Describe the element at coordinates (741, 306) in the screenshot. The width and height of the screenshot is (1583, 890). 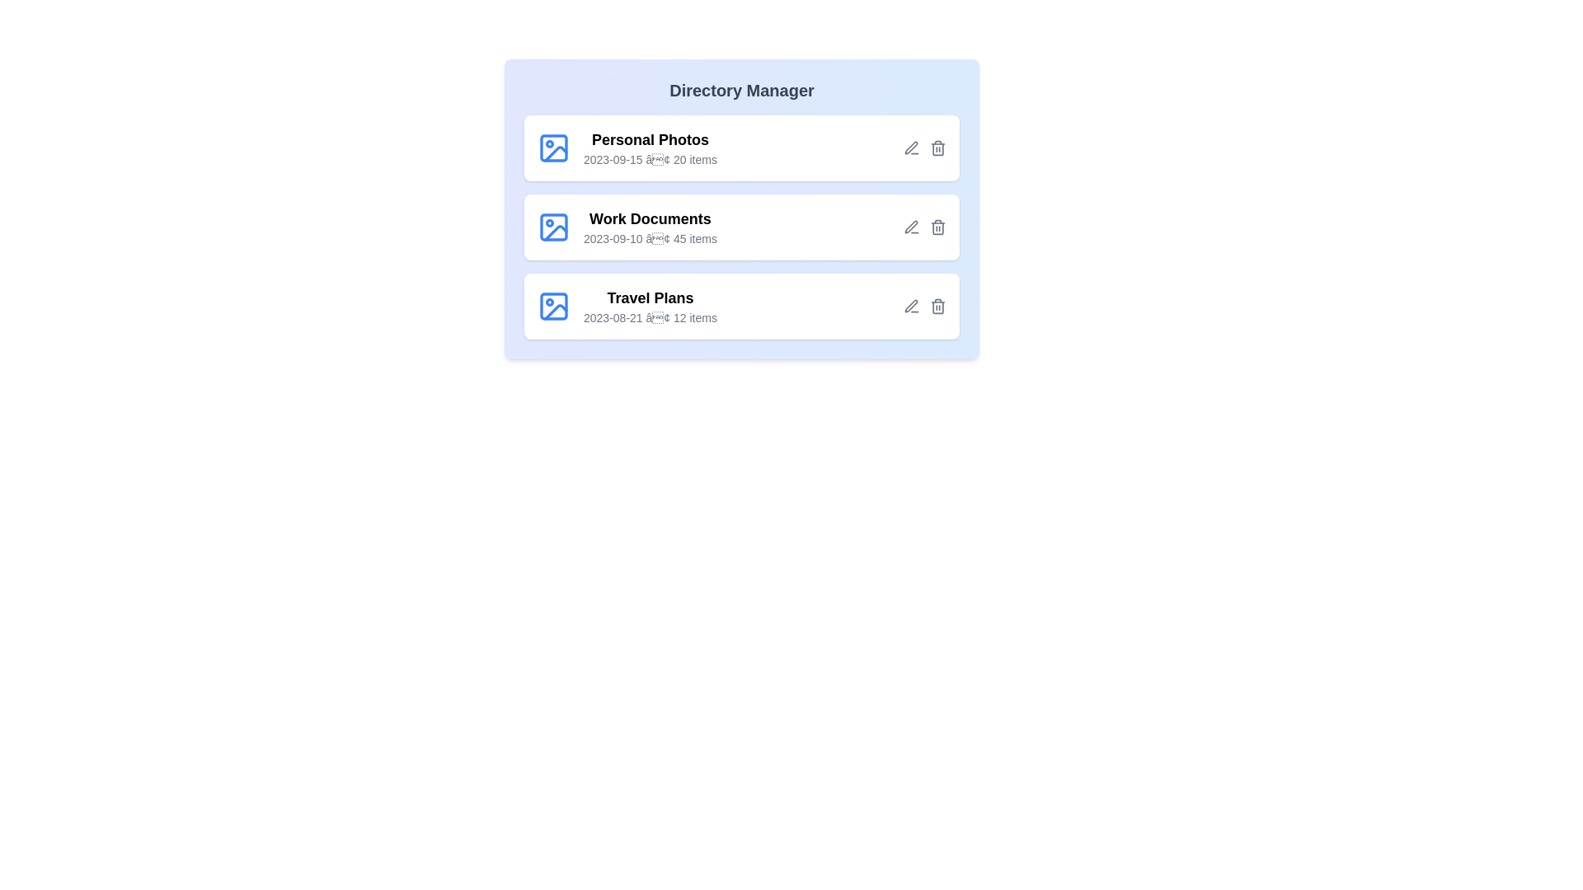
I see `the directory item labeled 'Travel Plans' to observe the hover effect` at that location.